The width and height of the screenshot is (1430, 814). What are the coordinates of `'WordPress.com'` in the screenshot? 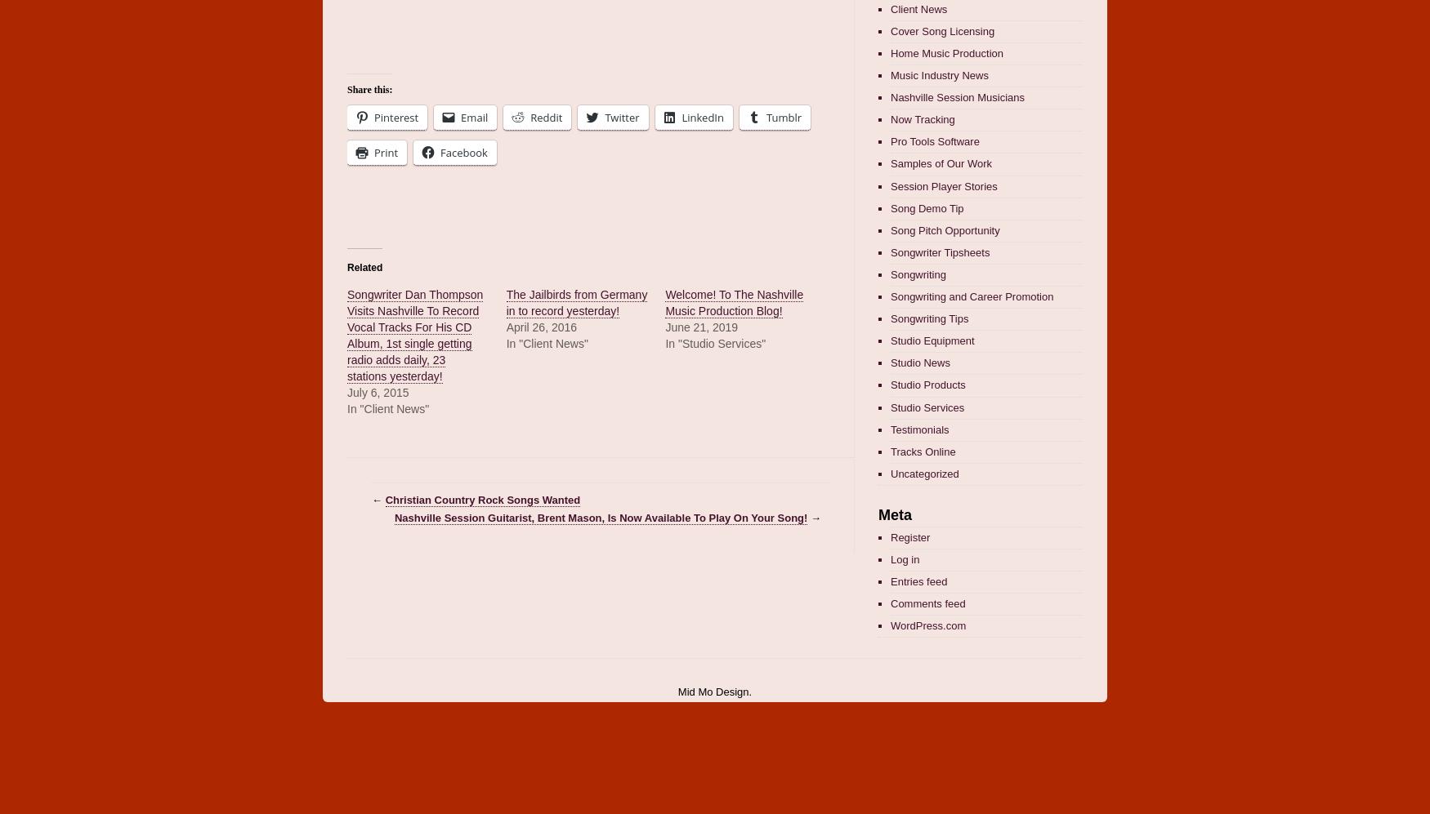 It's located at (927, 625).